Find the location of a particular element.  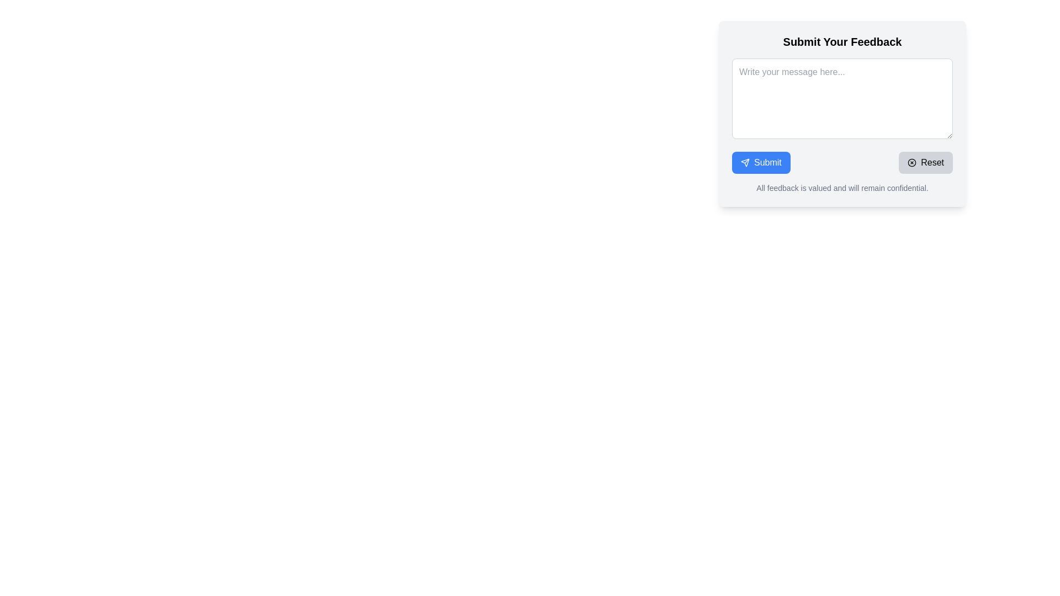

the 'Submit' button icon located towards the left side of the button, just before the text label 'Submit' is located at coordinates (745, 162).